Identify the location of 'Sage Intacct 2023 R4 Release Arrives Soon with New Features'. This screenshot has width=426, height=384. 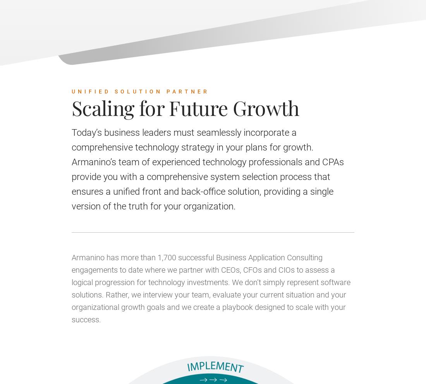
(170, 42).